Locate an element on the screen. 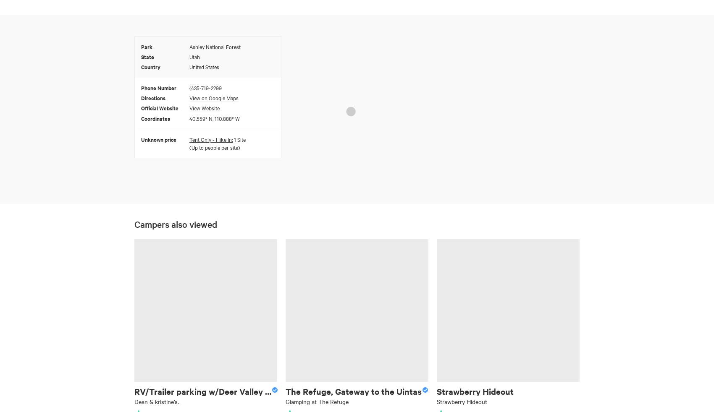 This screenshot has height=412, width=714. 'Phone Number' is located at coordinates (158, 87).